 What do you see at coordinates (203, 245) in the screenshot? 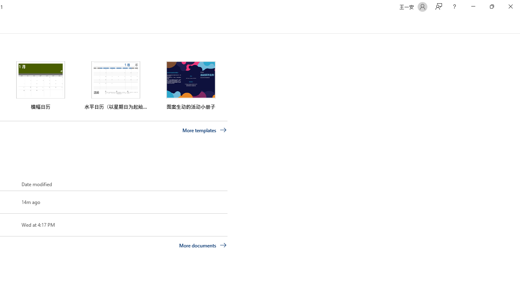
I see `'More documents'` at bounding box center [203, 245].